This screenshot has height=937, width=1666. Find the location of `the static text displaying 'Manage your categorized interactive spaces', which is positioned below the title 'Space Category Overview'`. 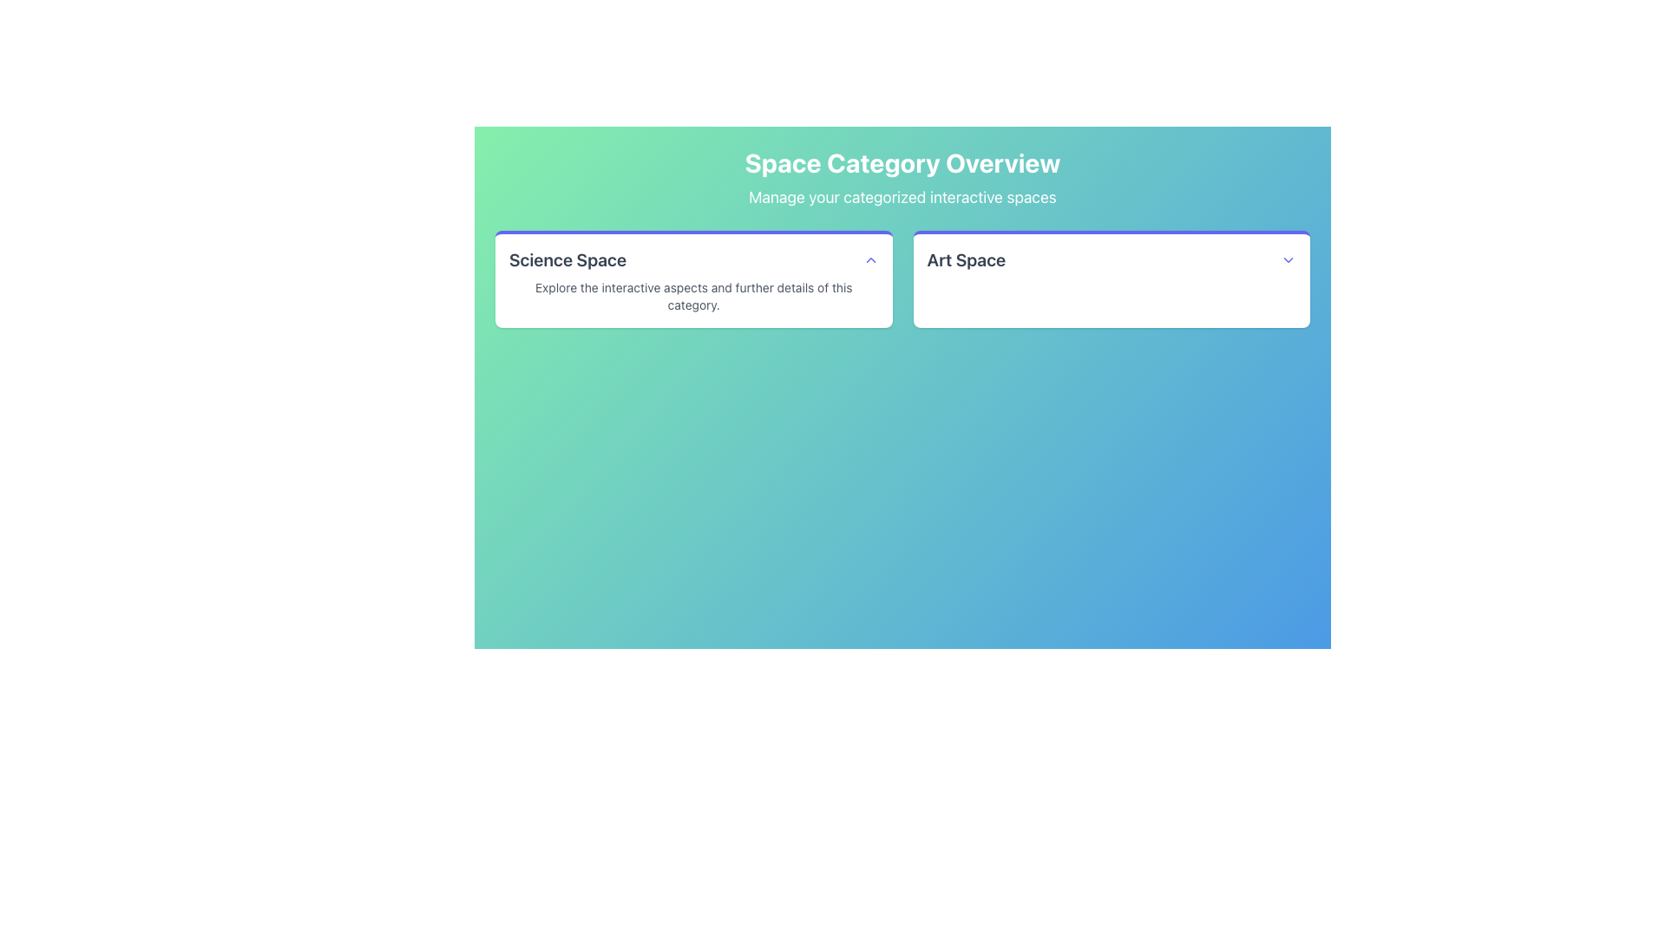

the static text displaying 'Manage your categorized interactive spaces', which is positioned below the title 'Space Category Overview' is located at coordinates (902, 196).